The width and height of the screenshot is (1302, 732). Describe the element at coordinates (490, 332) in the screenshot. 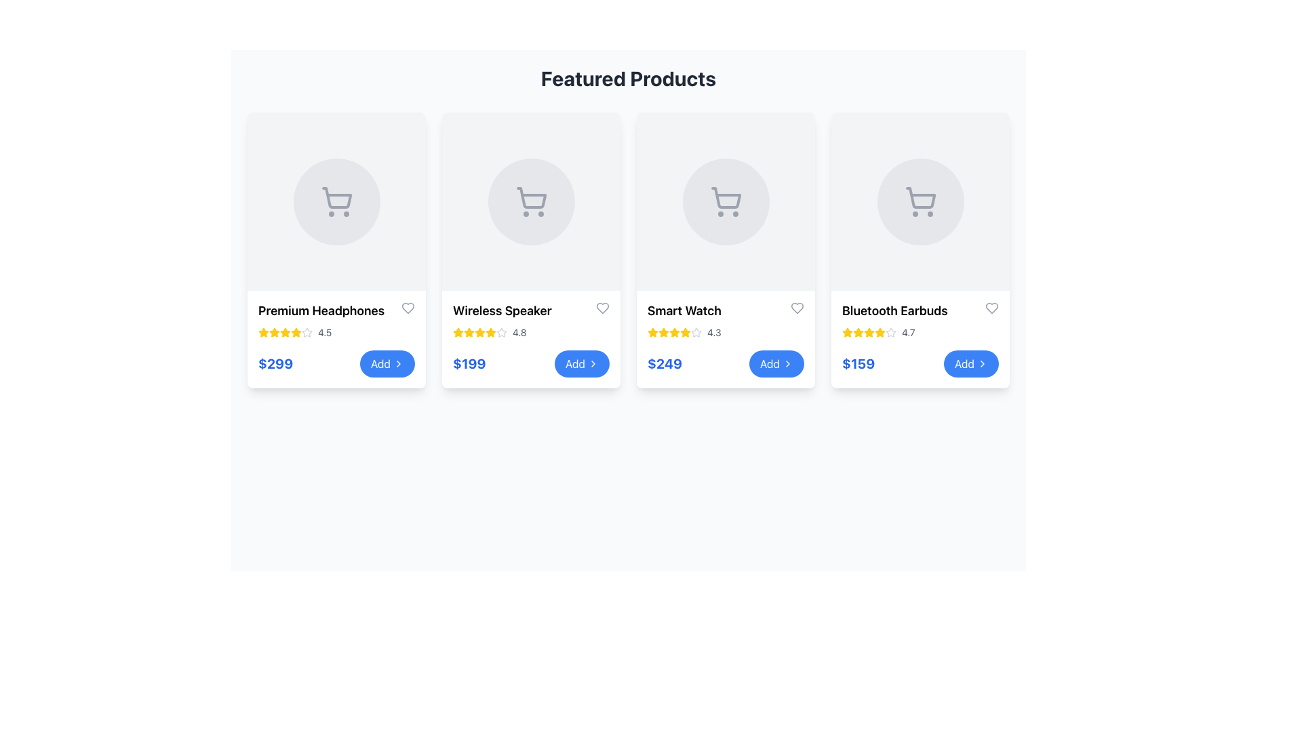

I see `the star icon representing the second rating in the product grid for the 'Wireless Speaker', which indicates a 4.8 rating` at that location.